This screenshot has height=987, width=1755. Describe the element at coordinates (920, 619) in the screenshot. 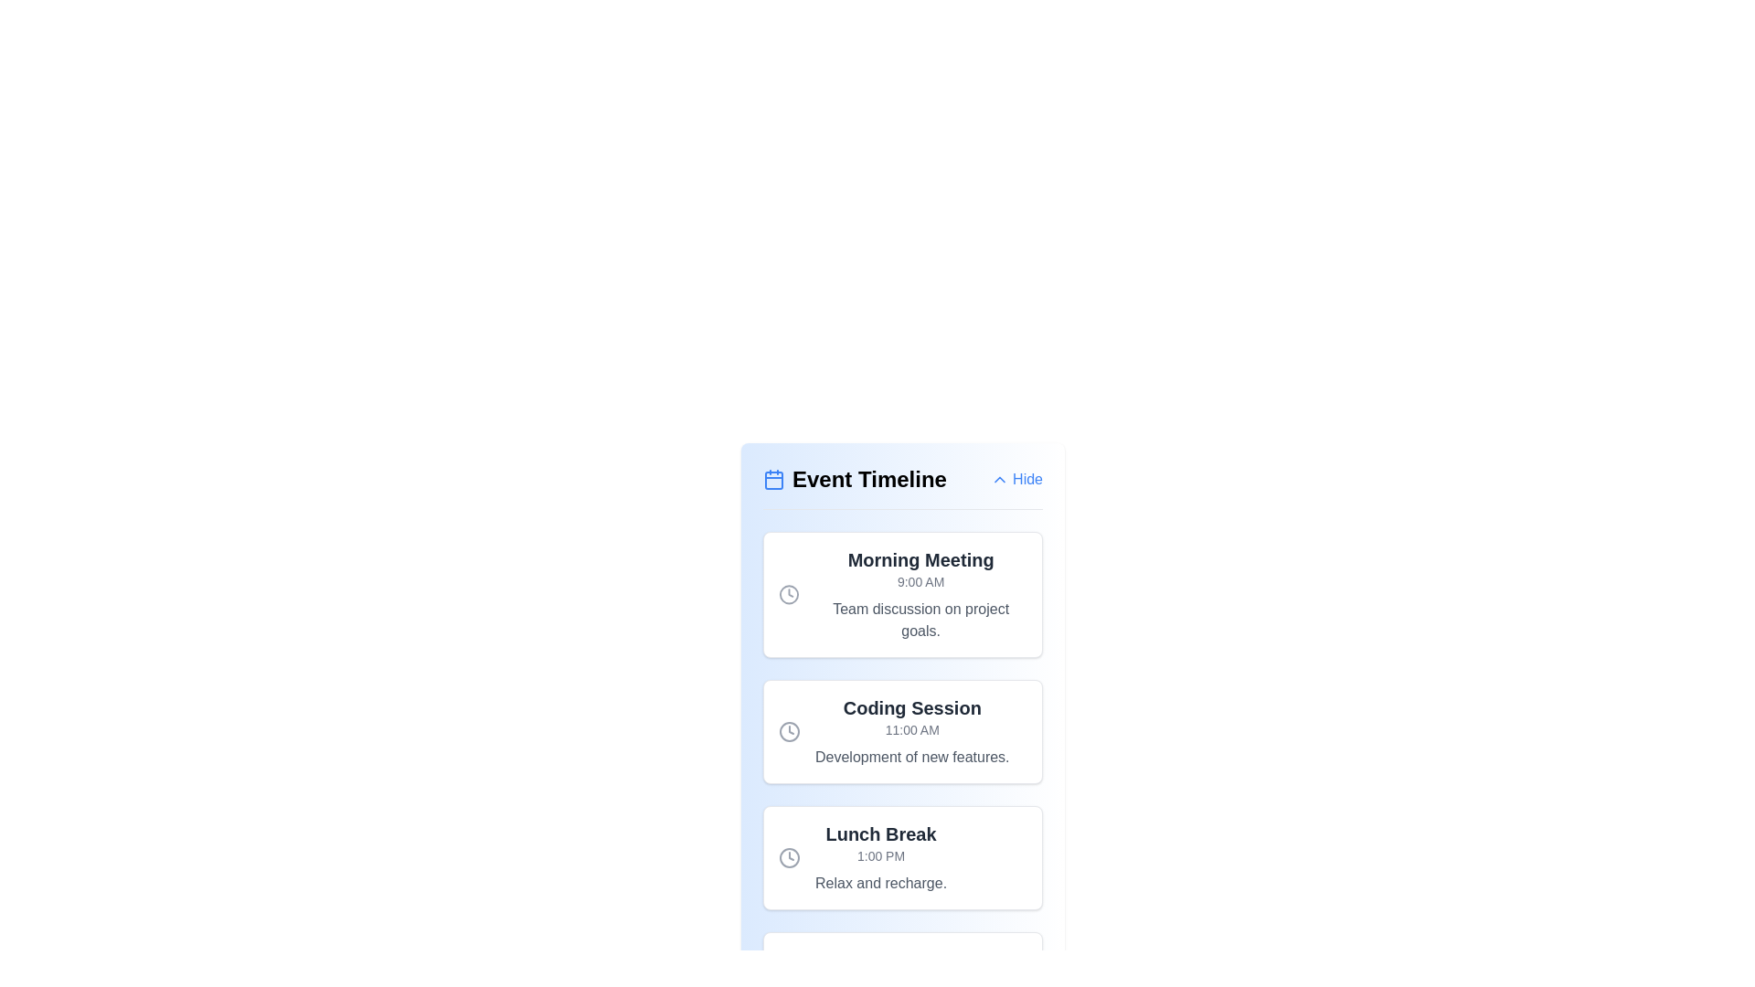

I see `descriptive text element that says 'Team discussion on project goals.' which is styled in gray and located beneath the 'Morning Meeting' heading and '9:00 AM' timestamp` at that location.